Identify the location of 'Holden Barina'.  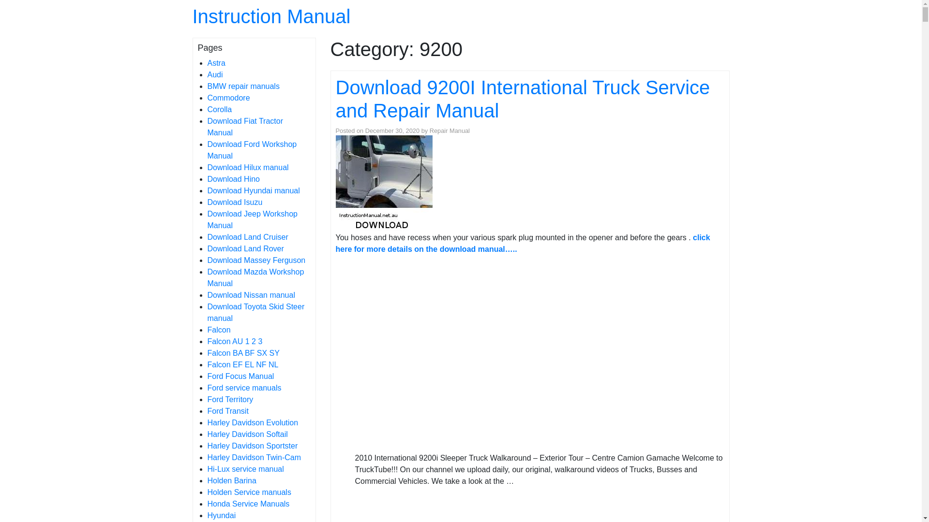
(231, 480).